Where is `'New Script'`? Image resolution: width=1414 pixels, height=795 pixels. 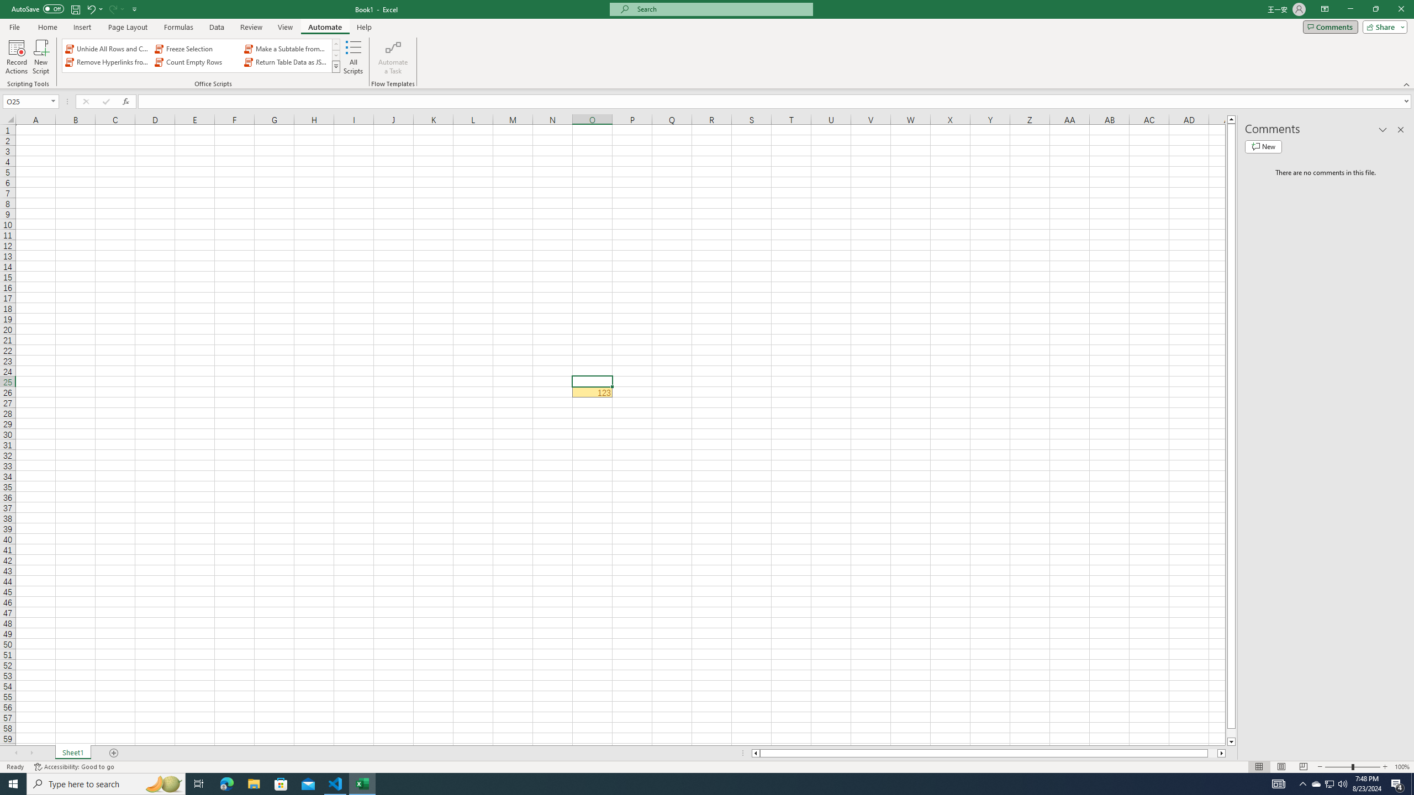
'New Script' is located at coordinates (40, 57).